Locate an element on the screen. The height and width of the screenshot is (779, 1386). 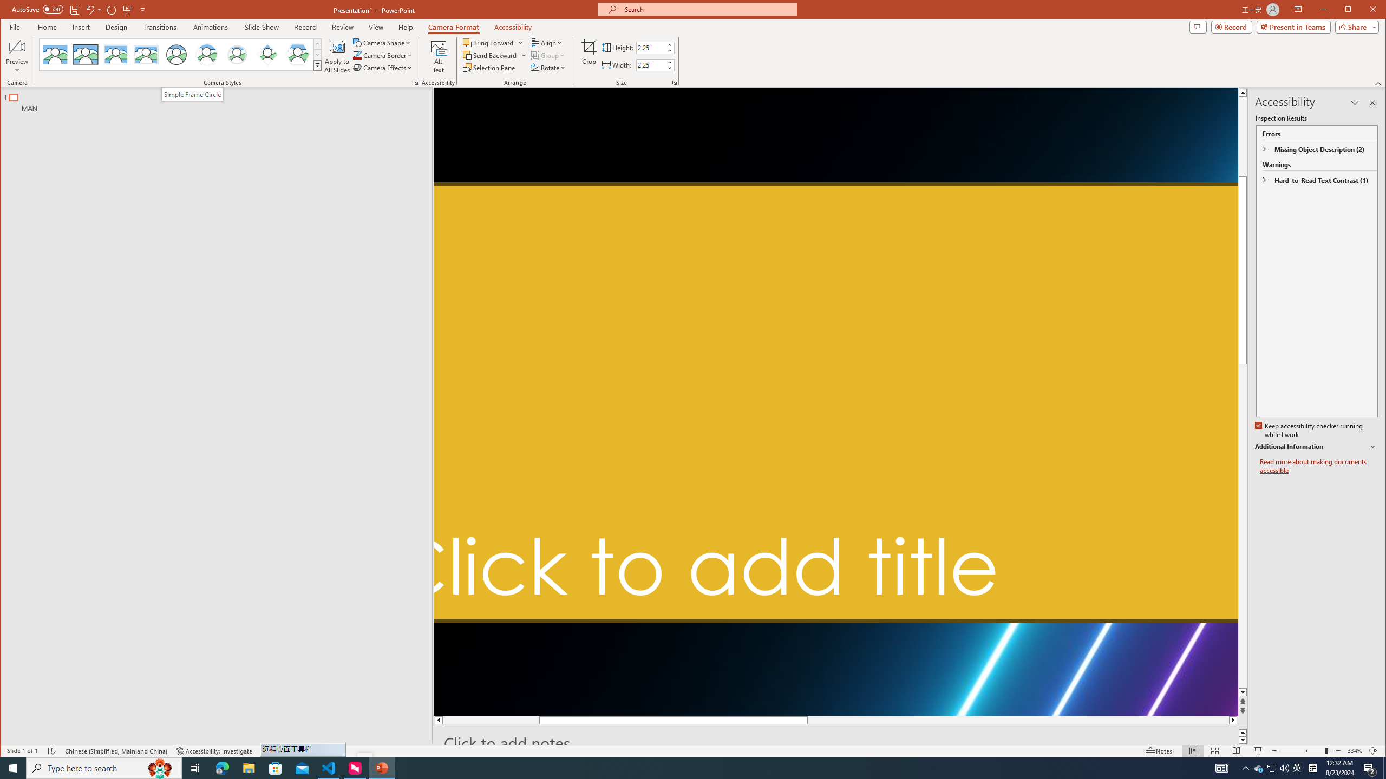
'Bring Forward' is located at coordinates (488, 42).